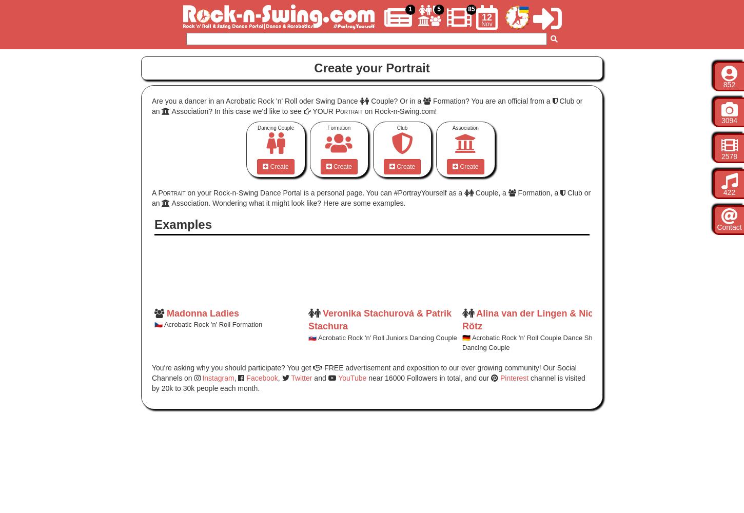 The image size is (744, 513). I want to click on 'Ecktown-Team', so click(628, 312).